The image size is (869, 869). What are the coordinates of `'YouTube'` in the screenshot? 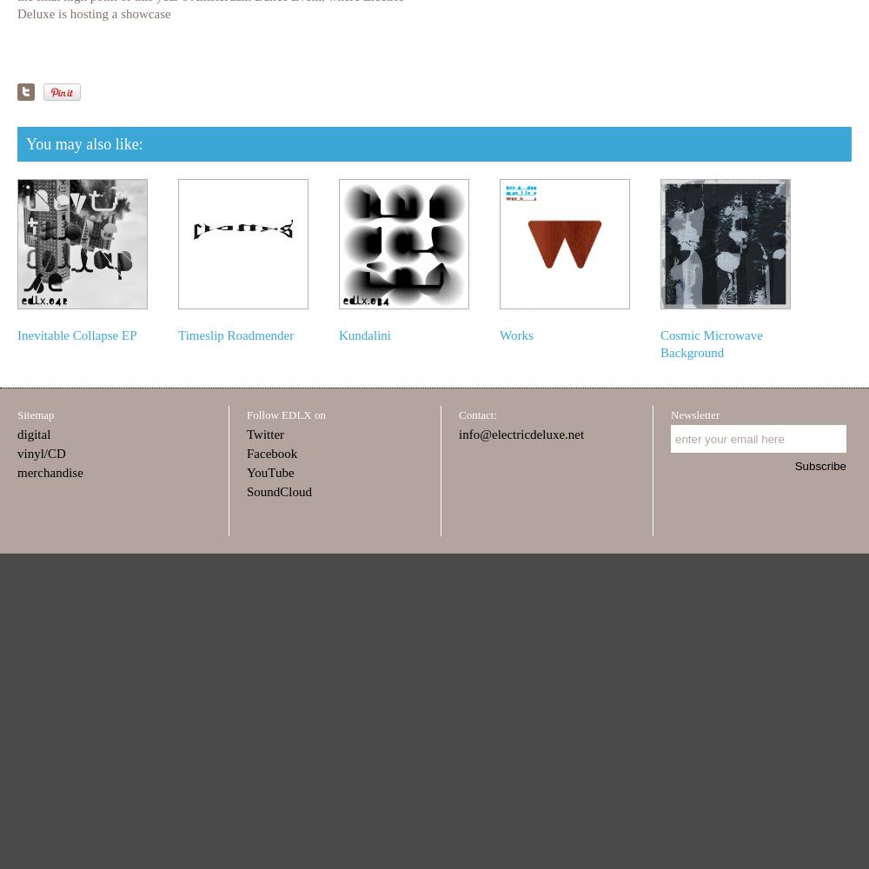 It's located at (247, 473).